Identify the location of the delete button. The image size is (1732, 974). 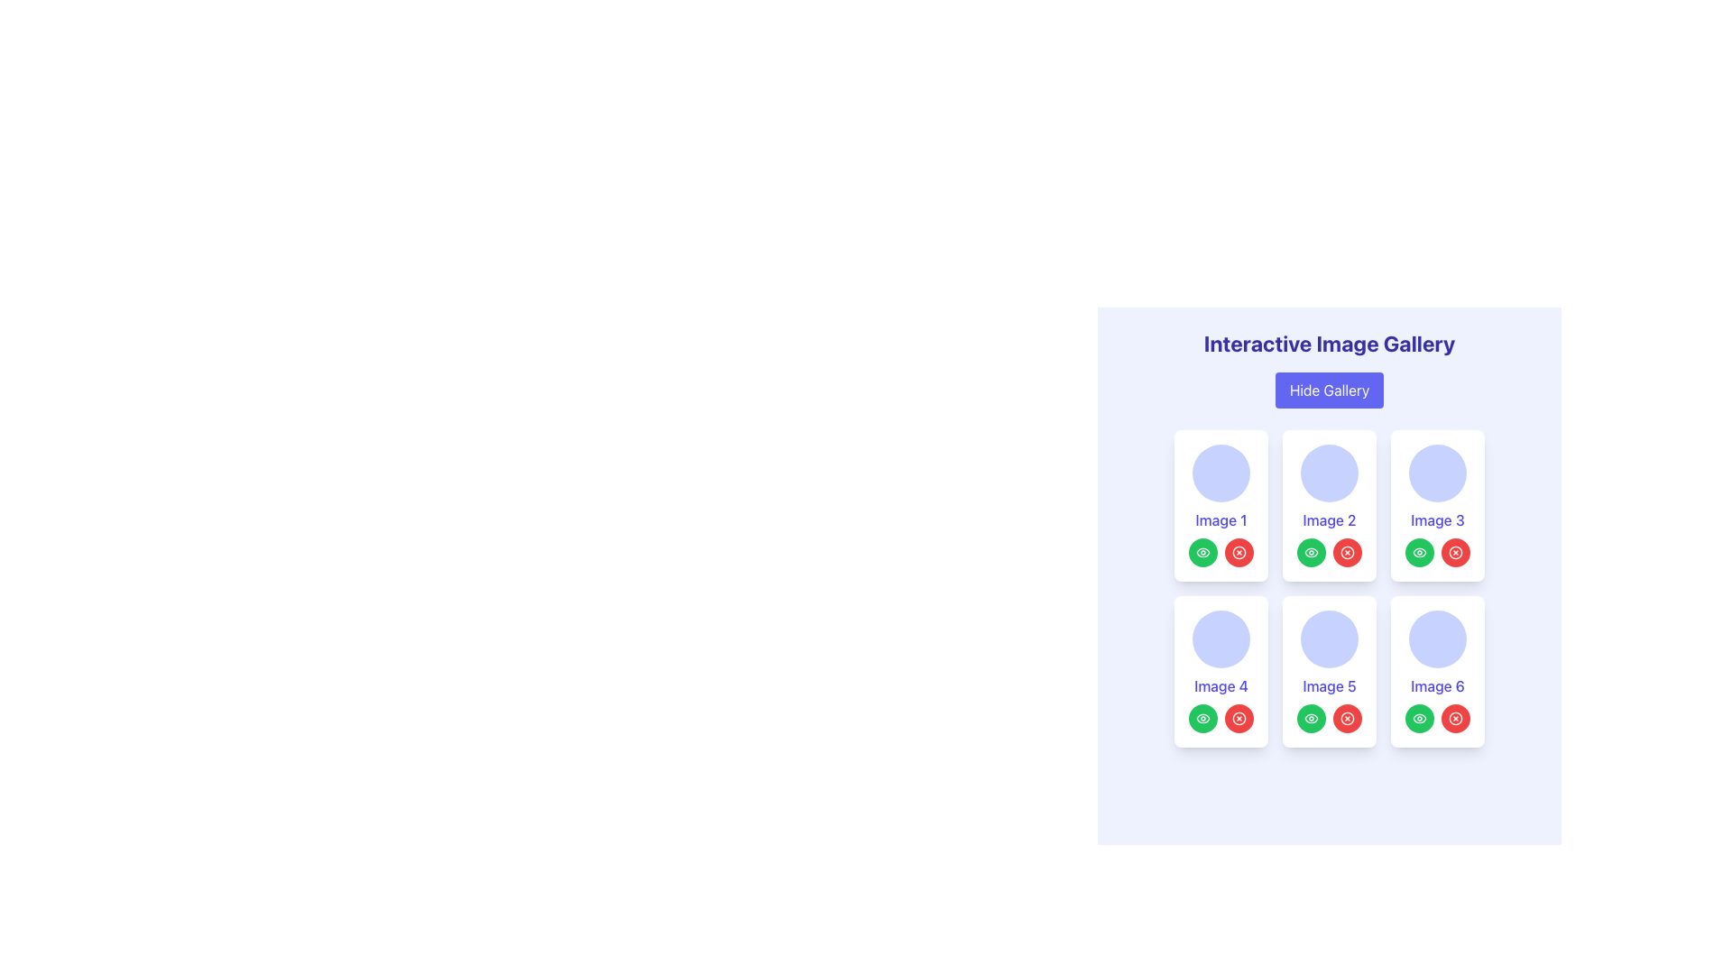
(1347, 552).